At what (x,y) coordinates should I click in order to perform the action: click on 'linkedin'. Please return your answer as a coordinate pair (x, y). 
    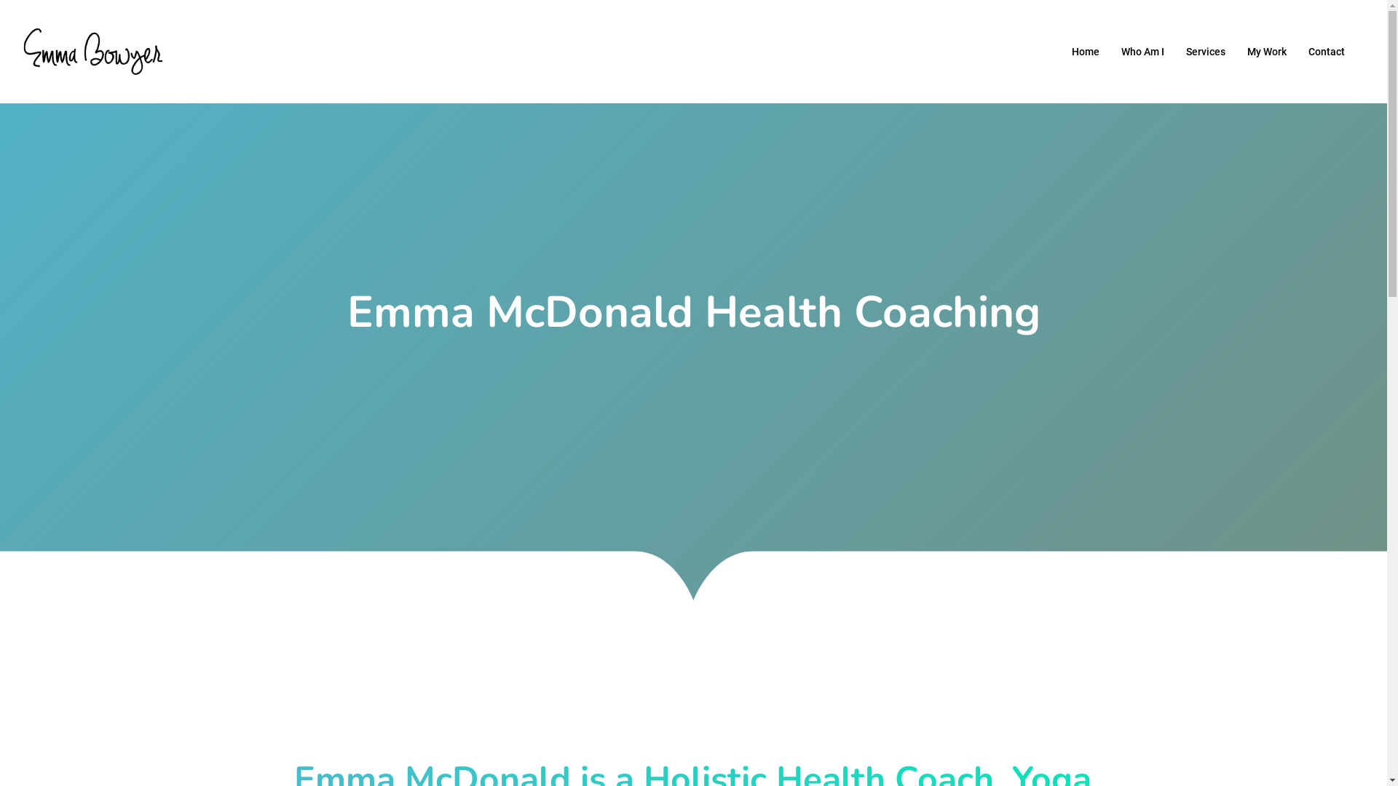
    Looking at the image, I should click on (693, 680).